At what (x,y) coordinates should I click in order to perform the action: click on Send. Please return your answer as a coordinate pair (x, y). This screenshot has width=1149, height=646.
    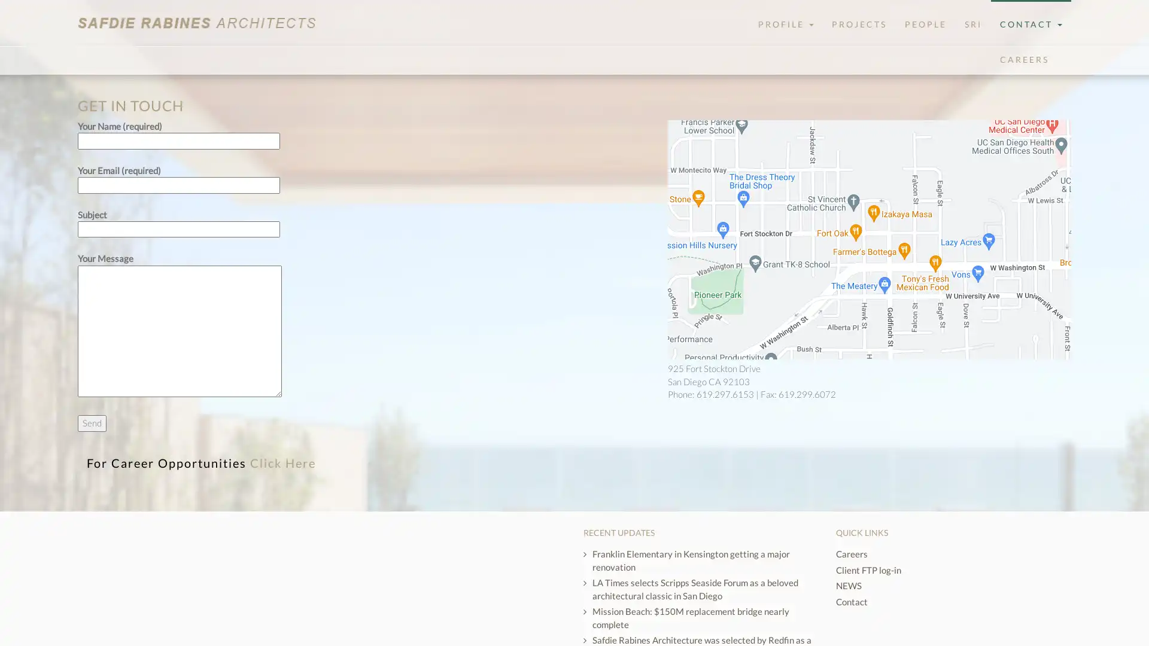
    Looking at the image, I should click on (91, 422).